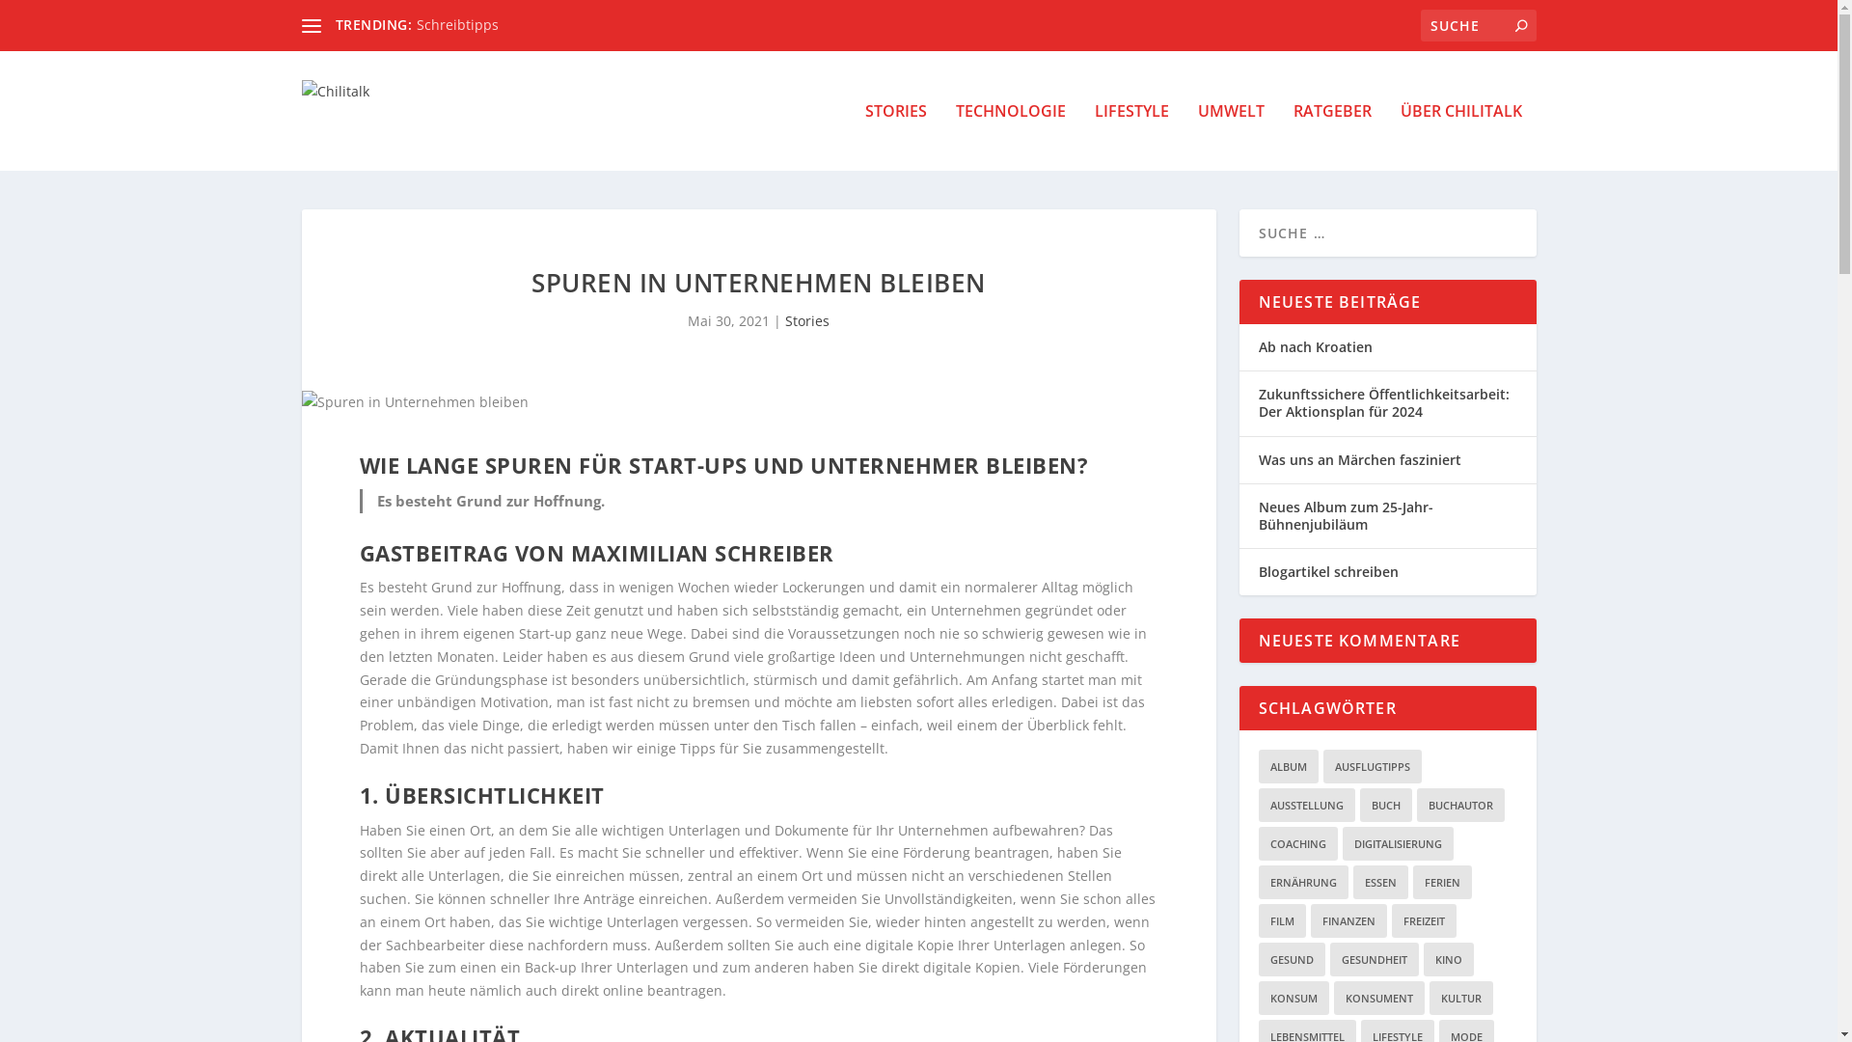  What do you see at coordinates (1378, 882) in the screenshot?
I see `'ESSEN'` at bounding box center [1378, 882].